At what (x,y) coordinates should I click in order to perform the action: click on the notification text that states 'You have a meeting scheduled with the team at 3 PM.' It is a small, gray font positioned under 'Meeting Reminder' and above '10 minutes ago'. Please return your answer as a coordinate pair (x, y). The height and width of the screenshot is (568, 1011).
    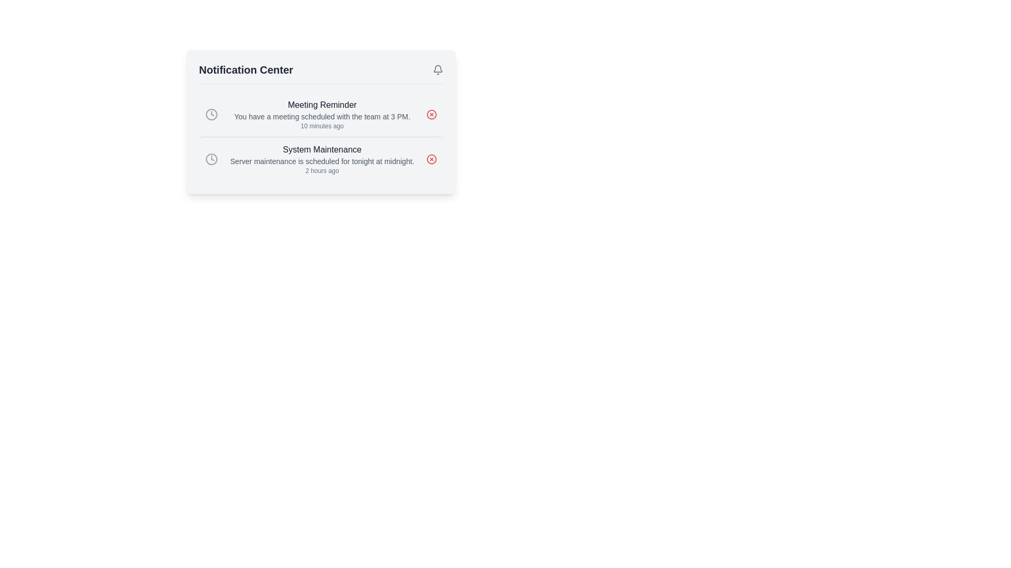
    Looking at the image, I should click on (321, 117).